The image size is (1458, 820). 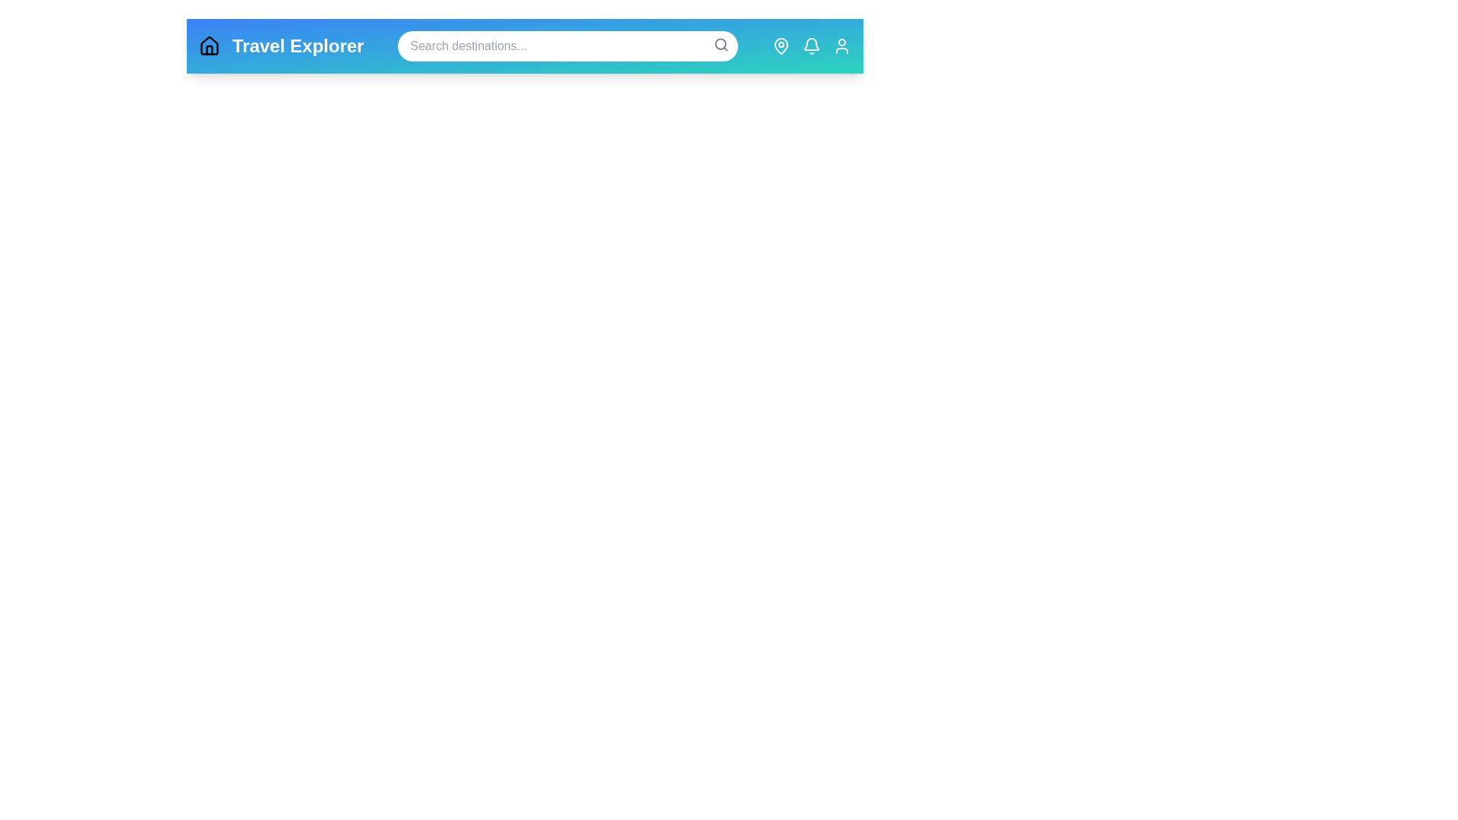 I want to click on the search bar and type the text 'destination', so click(x=567, y=46).